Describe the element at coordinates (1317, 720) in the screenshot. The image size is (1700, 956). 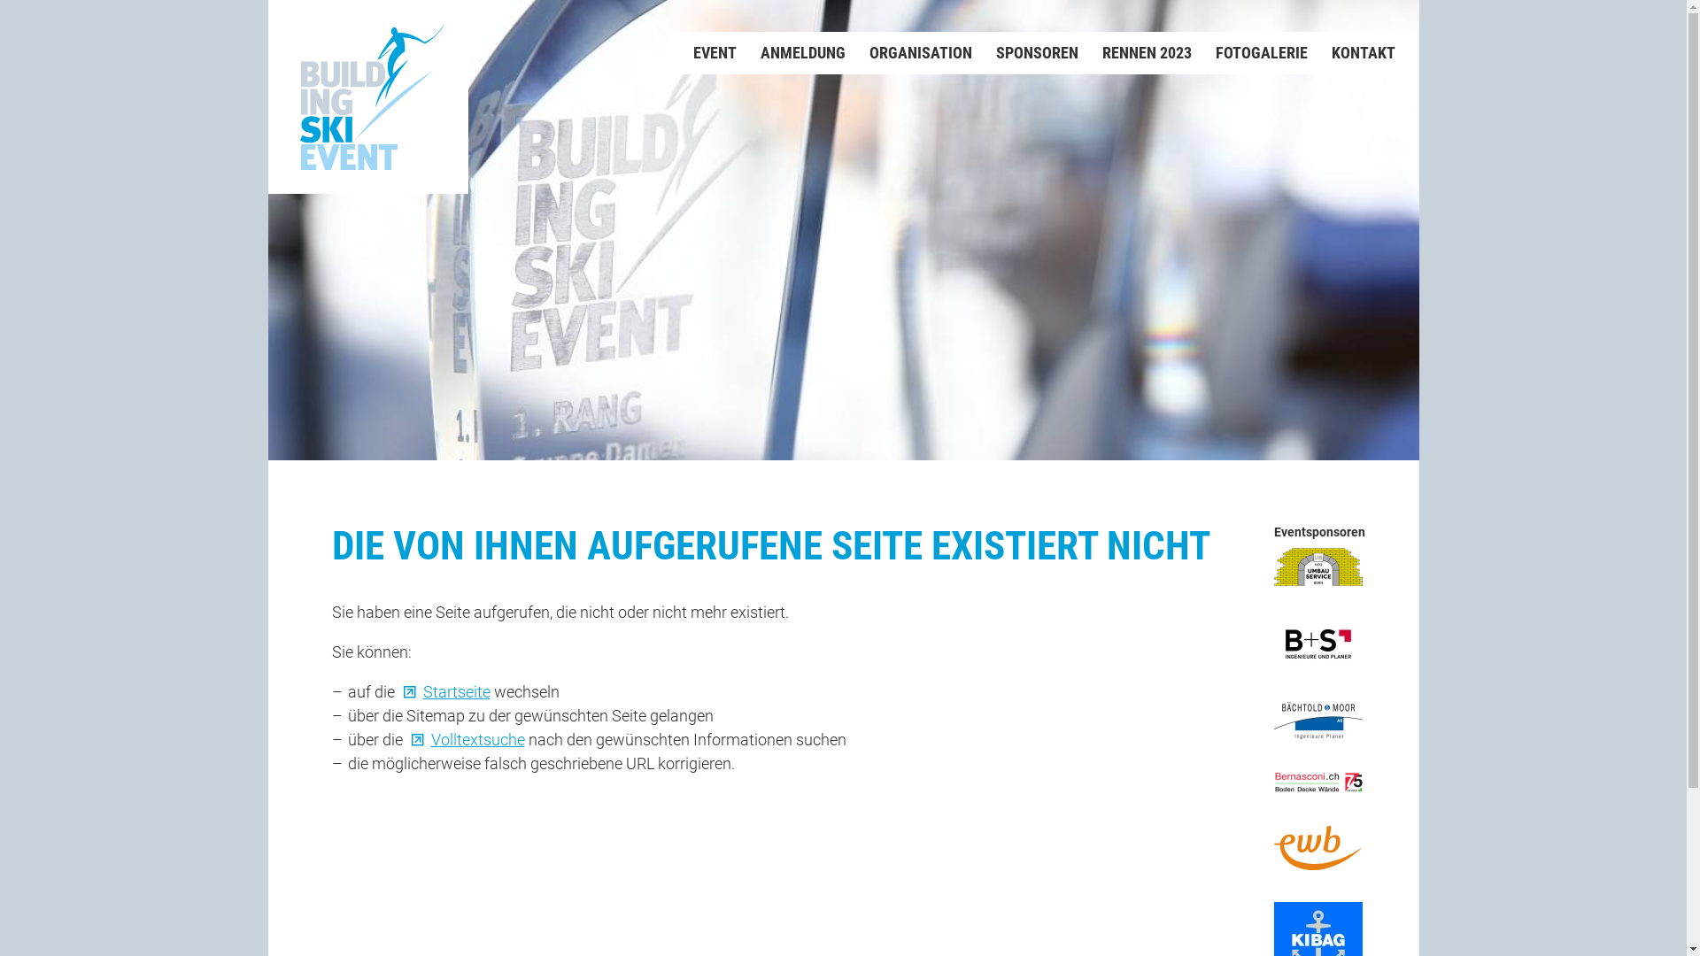
I see `'Sponsor'` at that location.